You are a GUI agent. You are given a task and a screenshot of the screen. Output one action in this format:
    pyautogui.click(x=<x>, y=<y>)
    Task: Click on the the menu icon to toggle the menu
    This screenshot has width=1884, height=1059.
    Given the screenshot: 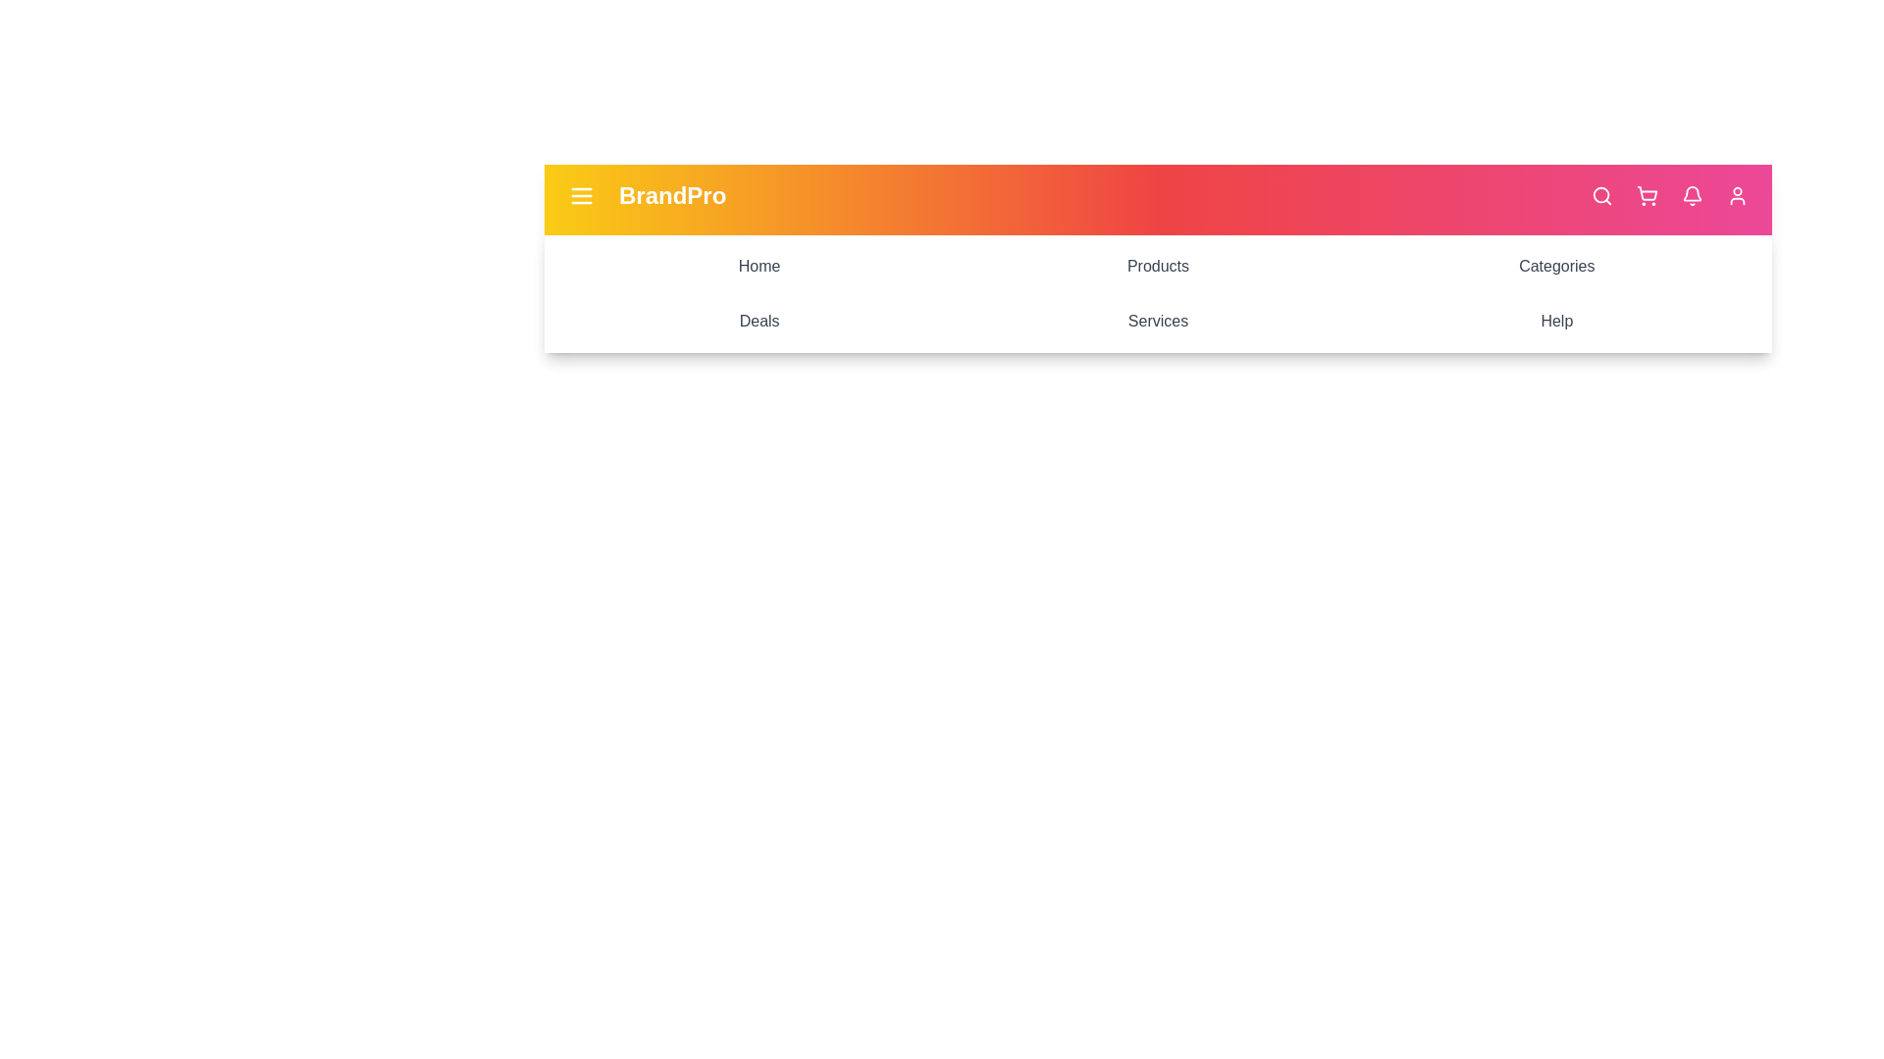 What is the action you would take?
    pyautogui.click(x=581, y=196)
    